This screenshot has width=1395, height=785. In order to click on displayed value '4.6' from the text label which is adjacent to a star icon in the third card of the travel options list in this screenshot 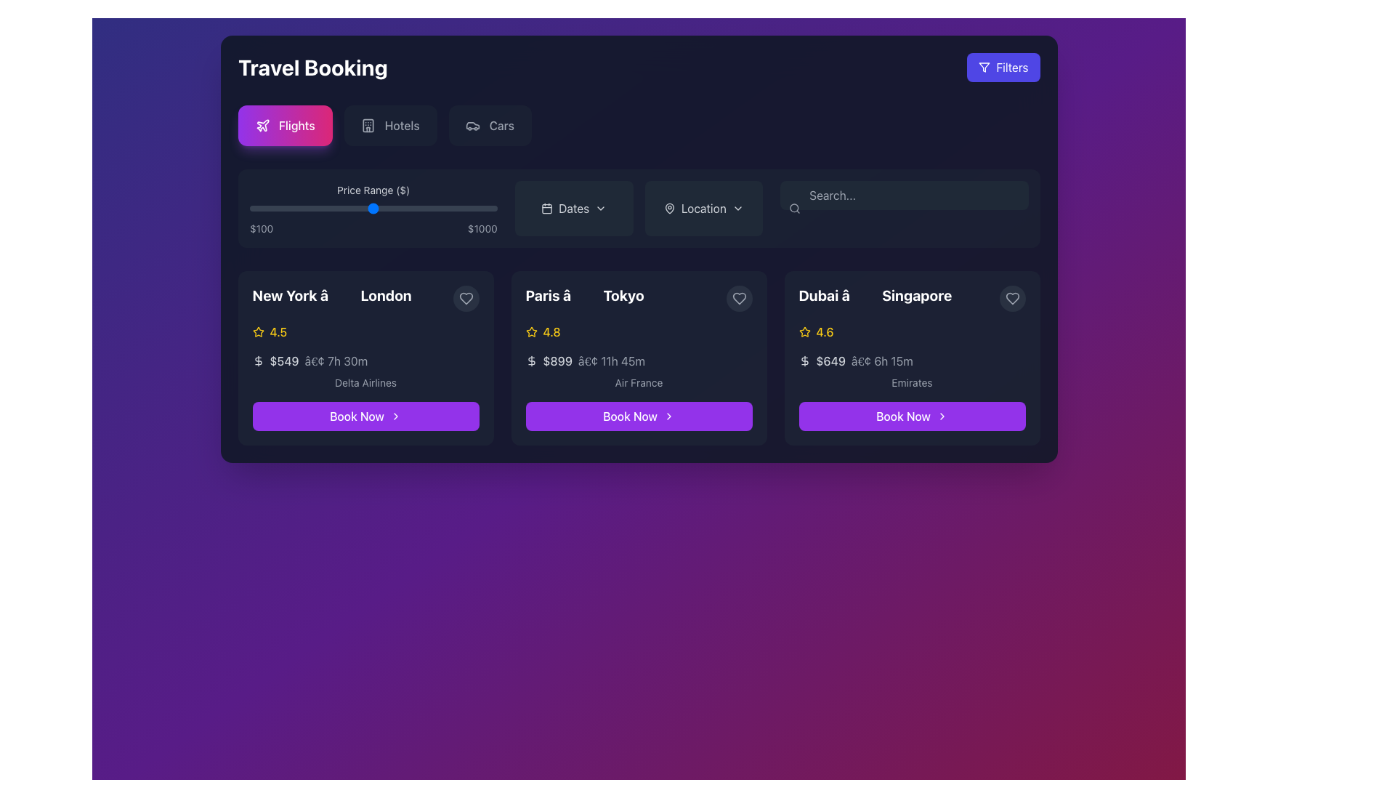, I will do `click(825, 331)`.